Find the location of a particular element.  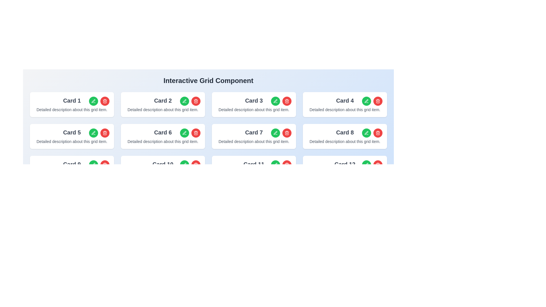

the circular green button with a white pen icon located in the top-right corner of 'Card 7' is located at coordinates (276, 133).